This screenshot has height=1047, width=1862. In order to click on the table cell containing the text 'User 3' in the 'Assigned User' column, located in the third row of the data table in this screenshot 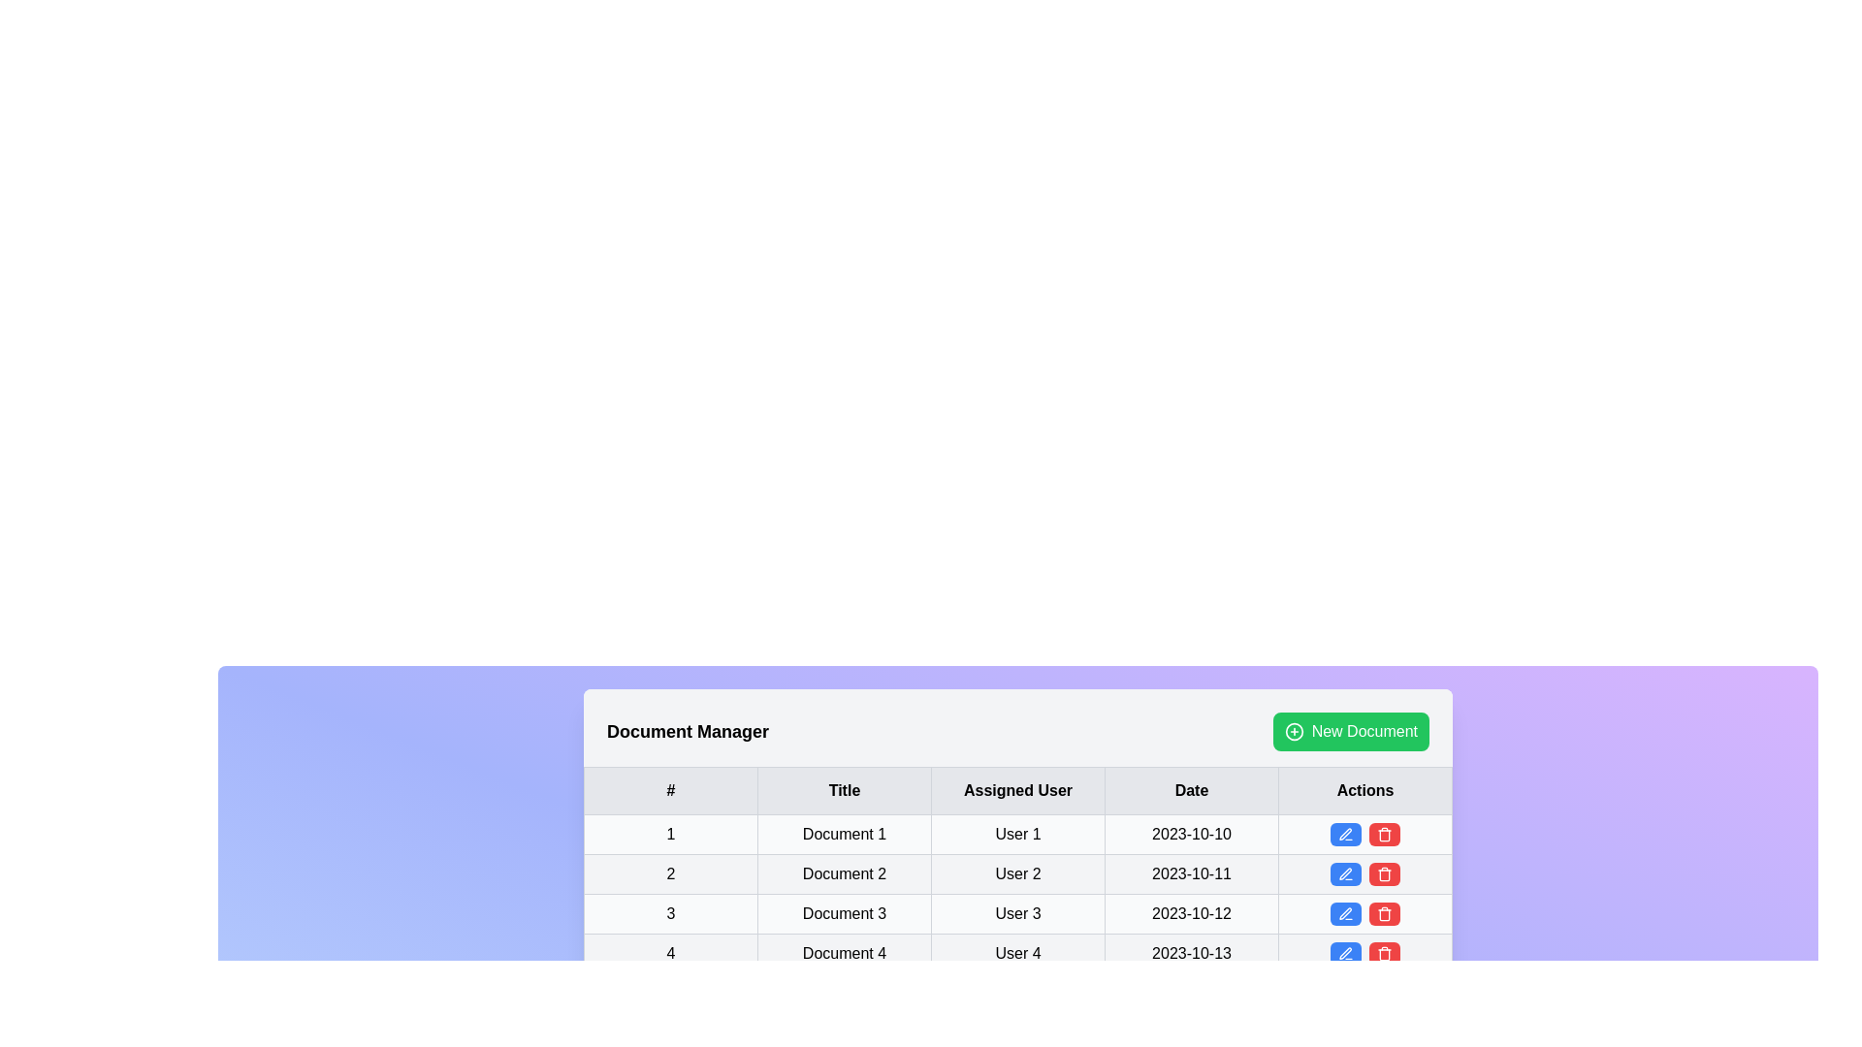, I will do `click(1017, 913)`.